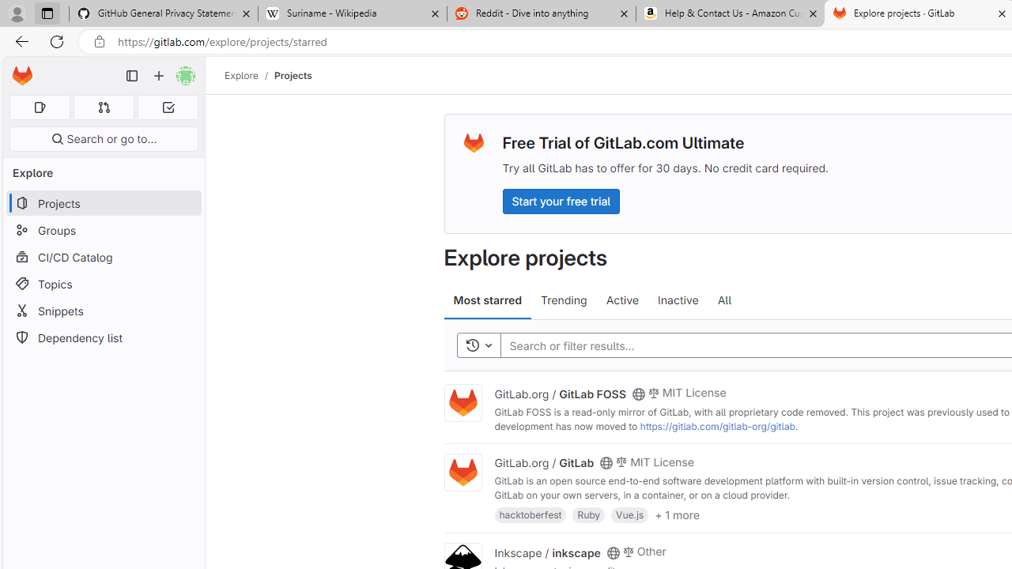 The image size is (1012, 569). What do you see at coordinates (627, 550) in the screenshot?
I see `'Class: s14 gl-mr-2'` at bounding box center [627, 550].